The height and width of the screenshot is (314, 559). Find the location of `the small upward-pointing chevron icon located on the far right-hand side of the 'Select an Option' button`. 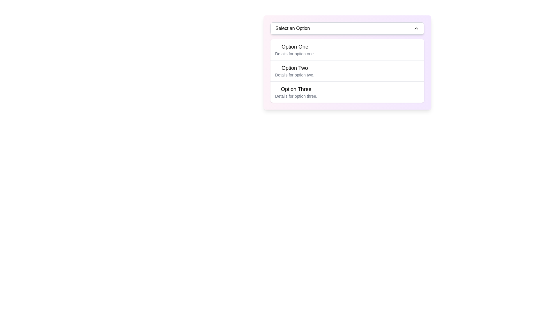

the small upward-pointing chevron icon located on the far right-hand side of the 'Select an Option' button is located at coordinates (416, 28).